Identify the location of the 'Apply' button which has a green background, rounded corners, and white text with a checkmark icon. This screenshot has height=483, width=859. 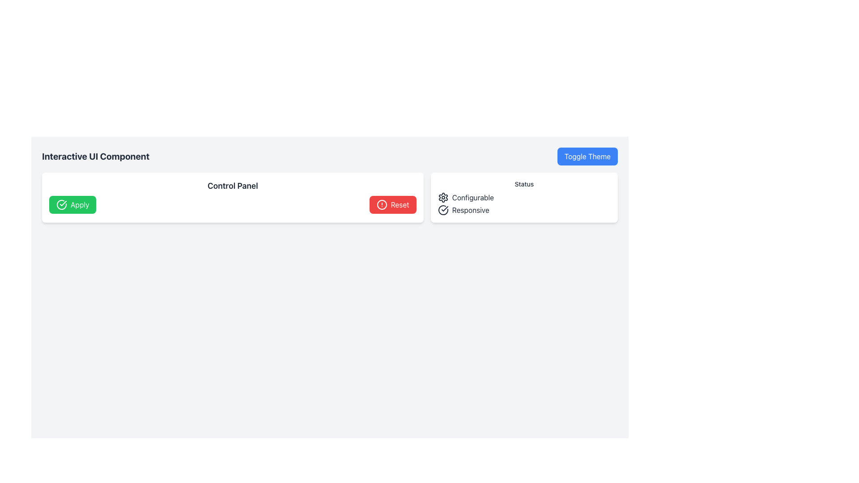
(72, 205).